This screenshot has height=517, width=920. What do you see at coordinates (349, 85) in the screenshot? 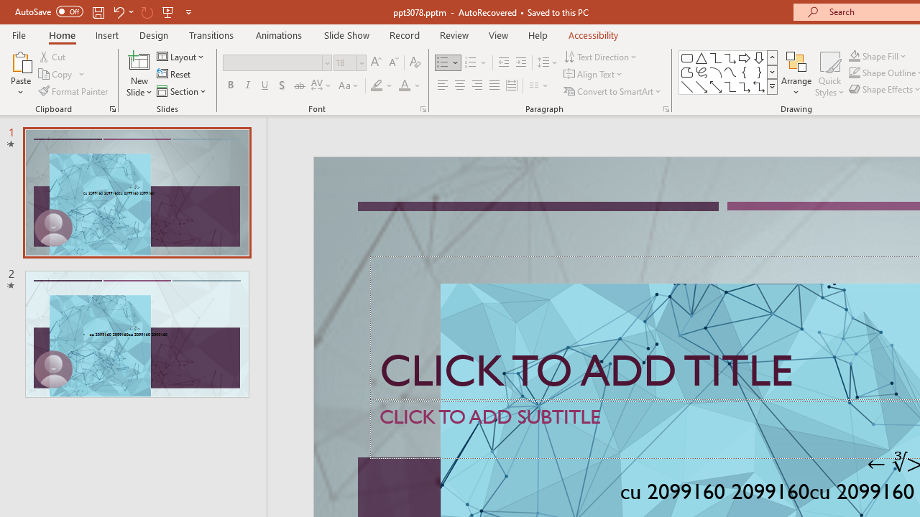
I see `'Change Case'` at bounding box center [349, 85].